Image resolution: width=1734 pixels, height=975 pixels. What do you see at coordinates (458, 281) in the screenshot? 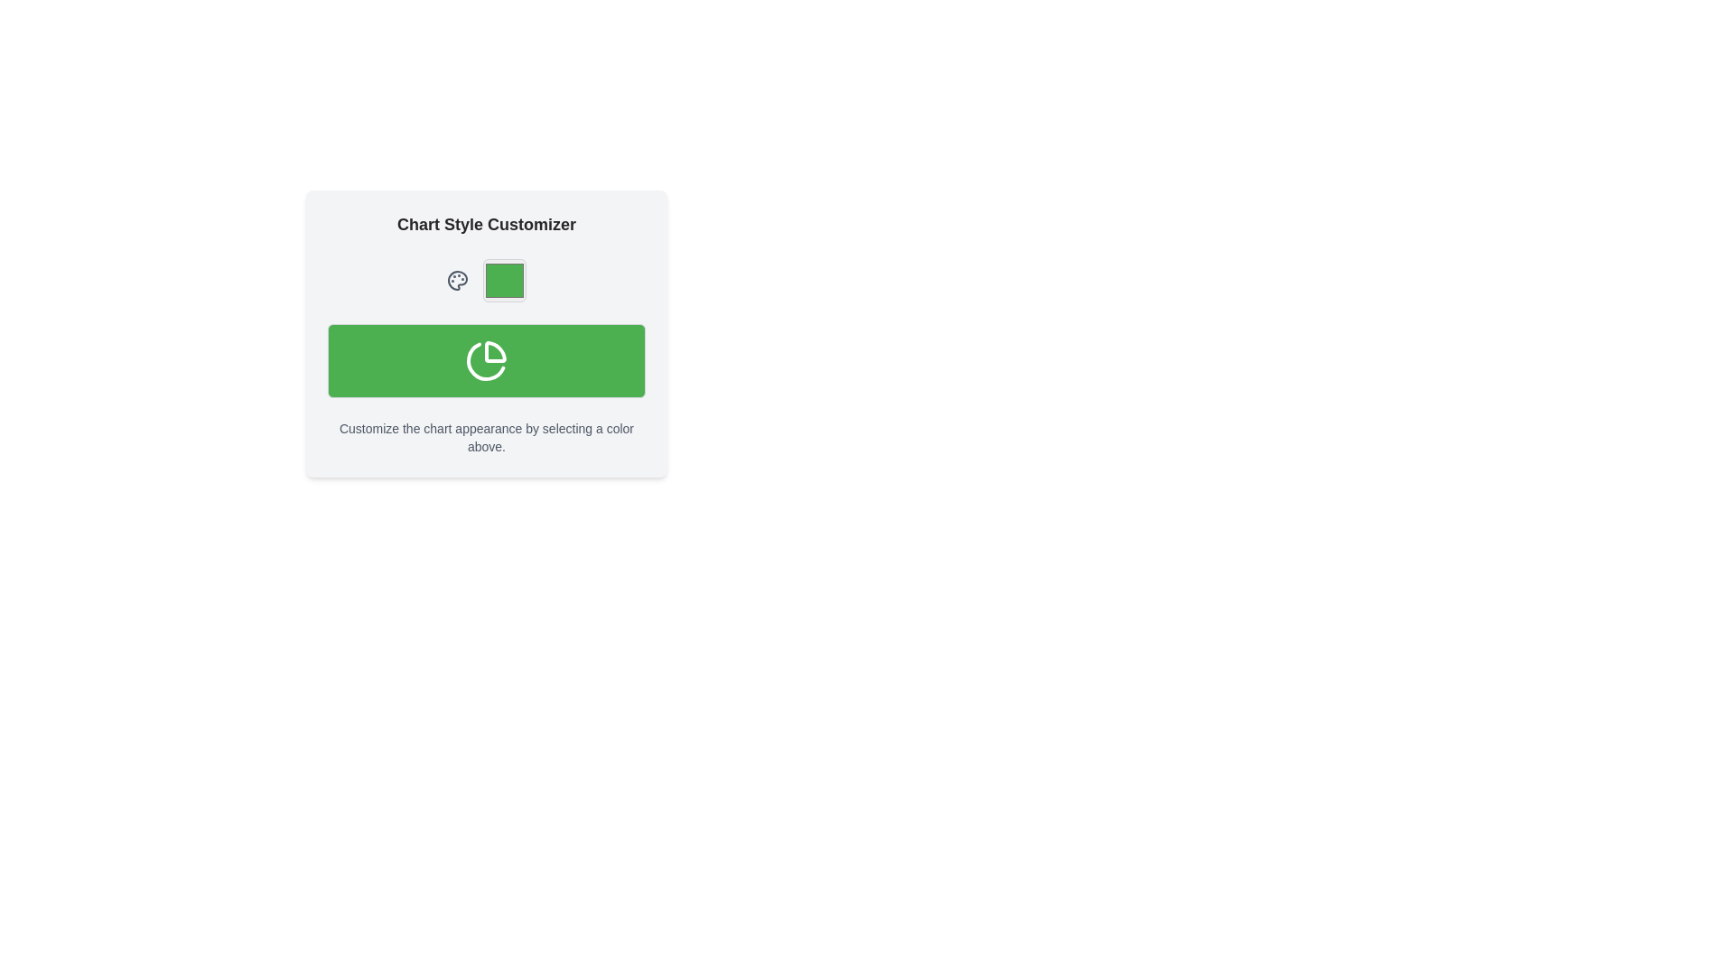
I see `the decorative or informative icon that suggests customization or color-related functionality, located to the left of the green square color picker button` at bounding box center [458, 281].